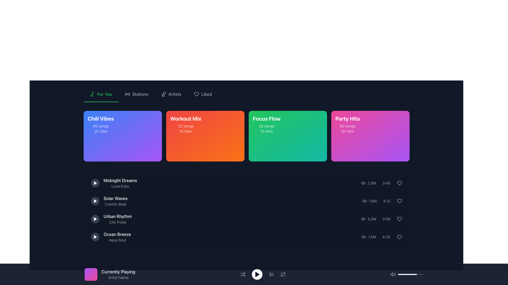  I want to click on the text 'Solar Waves' for copying, which is displayed in white font on a dark background, positioned between 'Midnight Dreams' and 'Urban Rhythm' in the playlist, so click(115, 198).